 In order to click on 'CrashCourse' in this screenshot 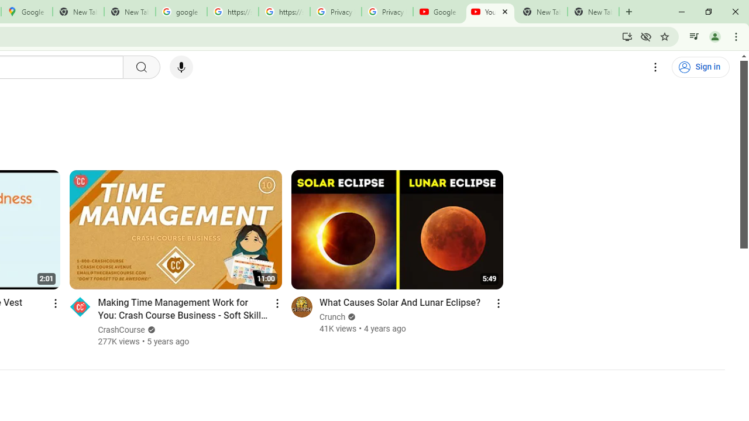, I will do `click(122, 330)`.